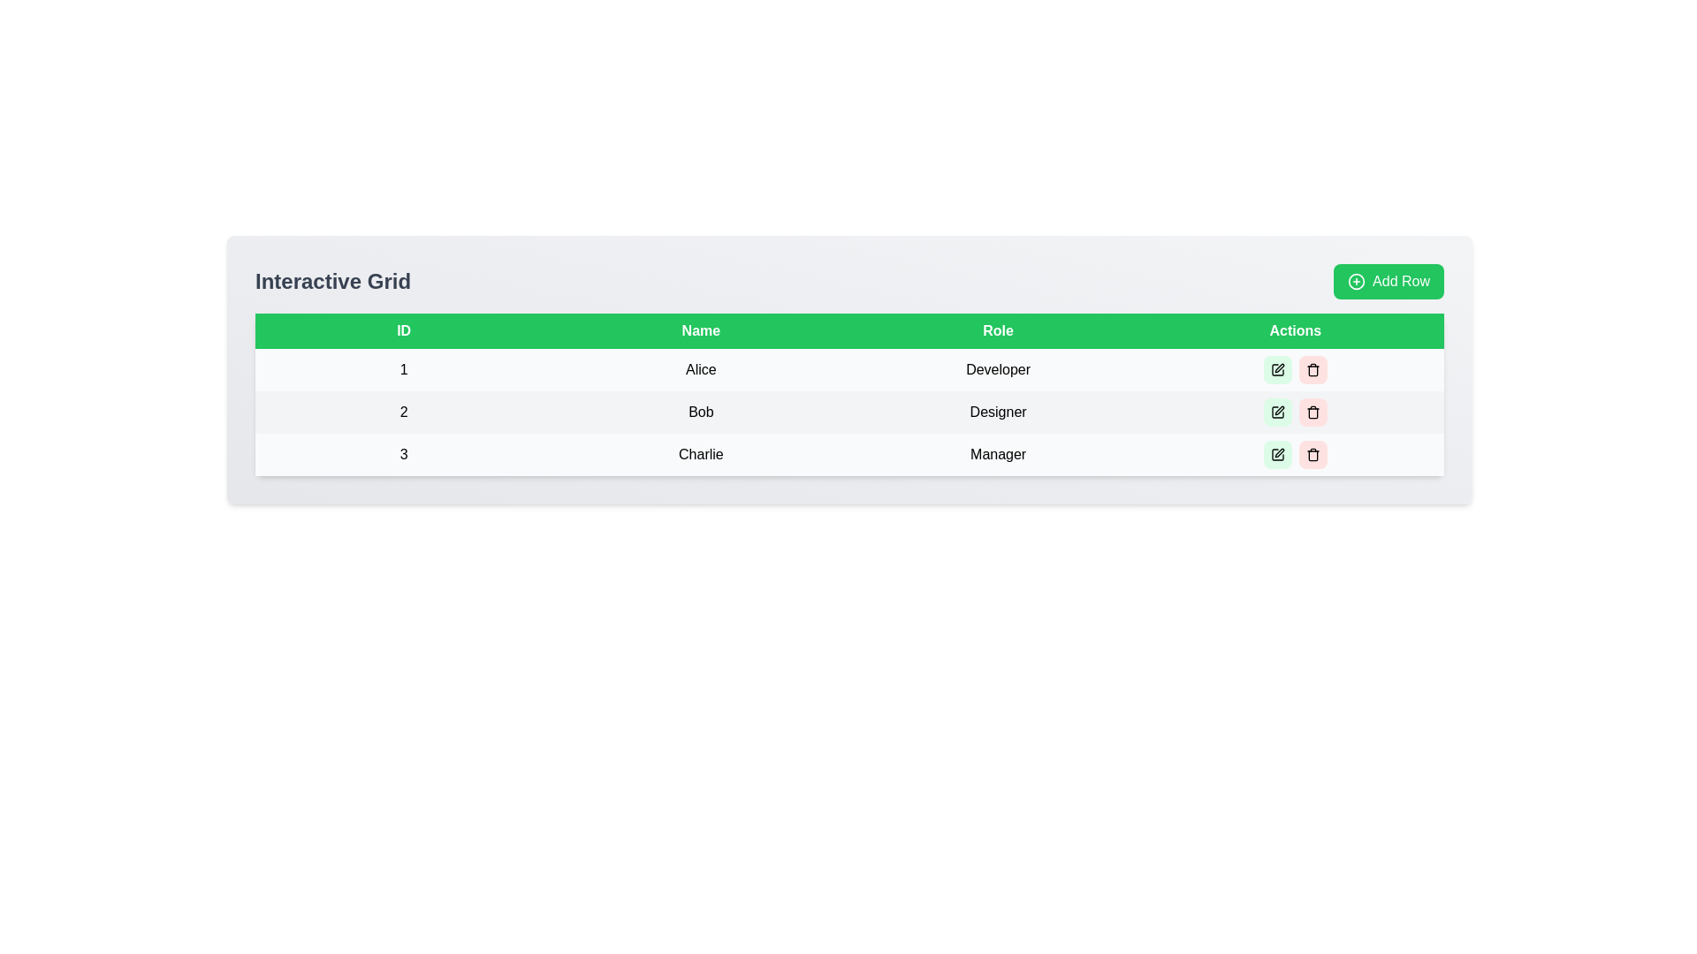 This screenshot has height=954, width=1697. Describe the element at coordinates (700, 330) in the screenshot. I see `the 'Name' column header in the grid, which is a rectangular section with a green background and white text, positioned between 'ID' and 'Role'` at that location.